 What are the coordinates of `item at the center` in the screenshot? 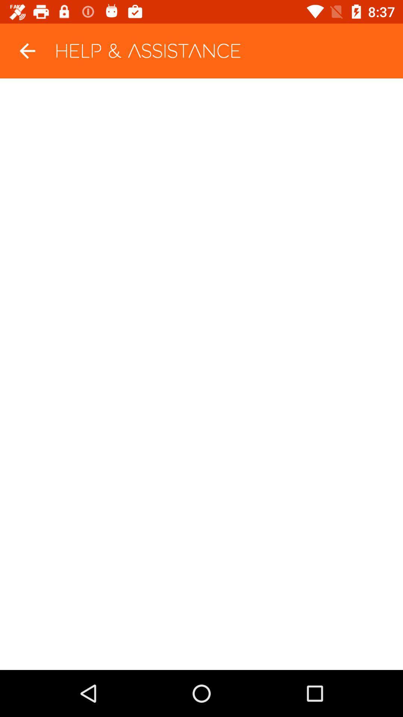 It's located at (201, 374).